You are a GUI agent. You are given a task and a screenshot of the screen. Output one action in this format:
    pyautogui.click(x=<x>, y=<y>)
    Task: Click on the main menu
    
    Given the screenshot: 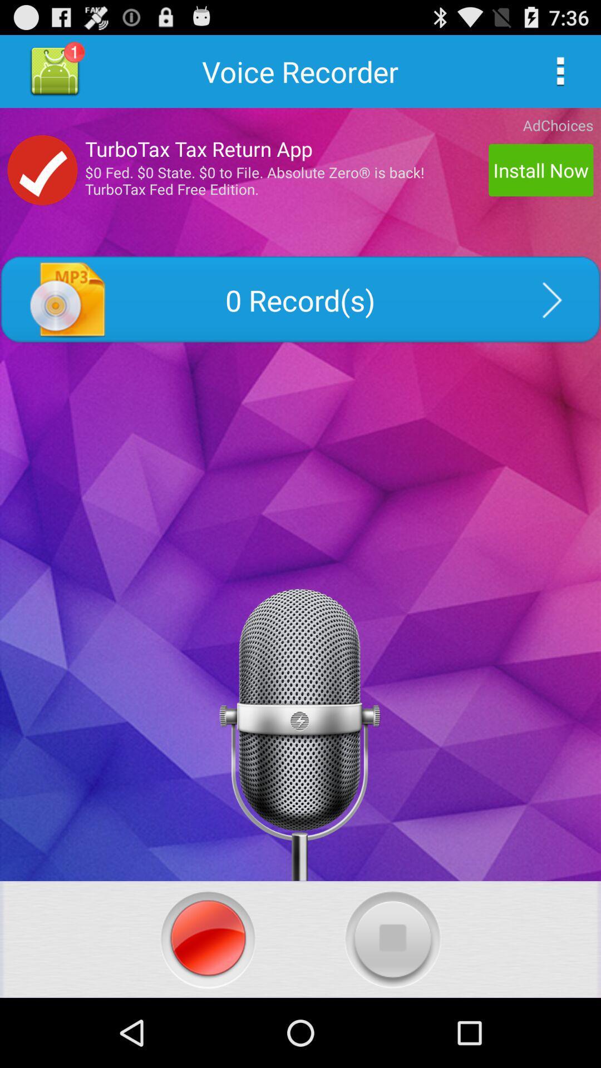 What is the action you would take?
    pyautogui.click(x=560, y=71)
    